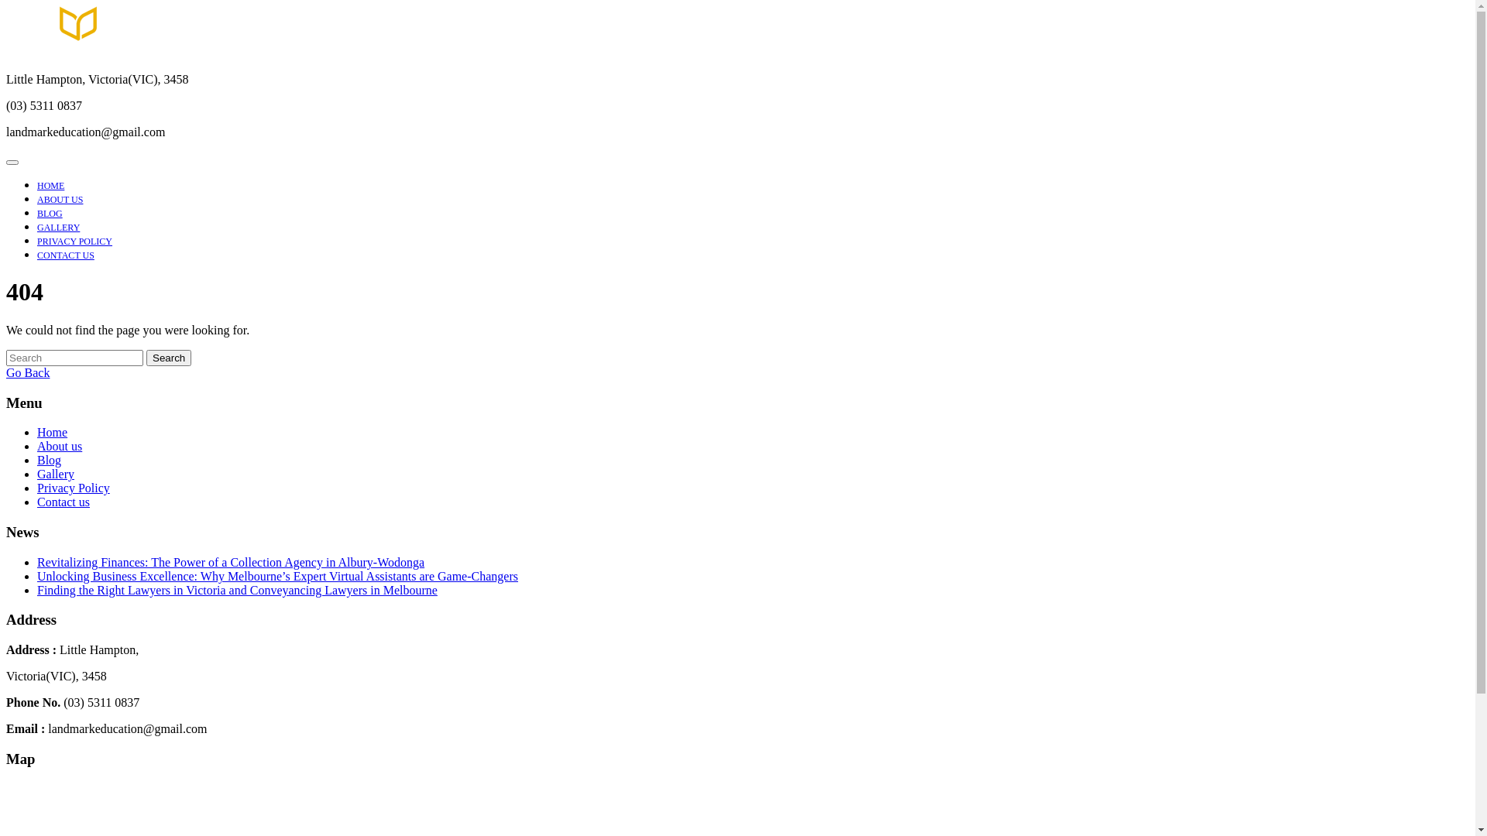 This screenshot has width=1487, height=836. I want to click on 'Skip to content', so click(5, 5).